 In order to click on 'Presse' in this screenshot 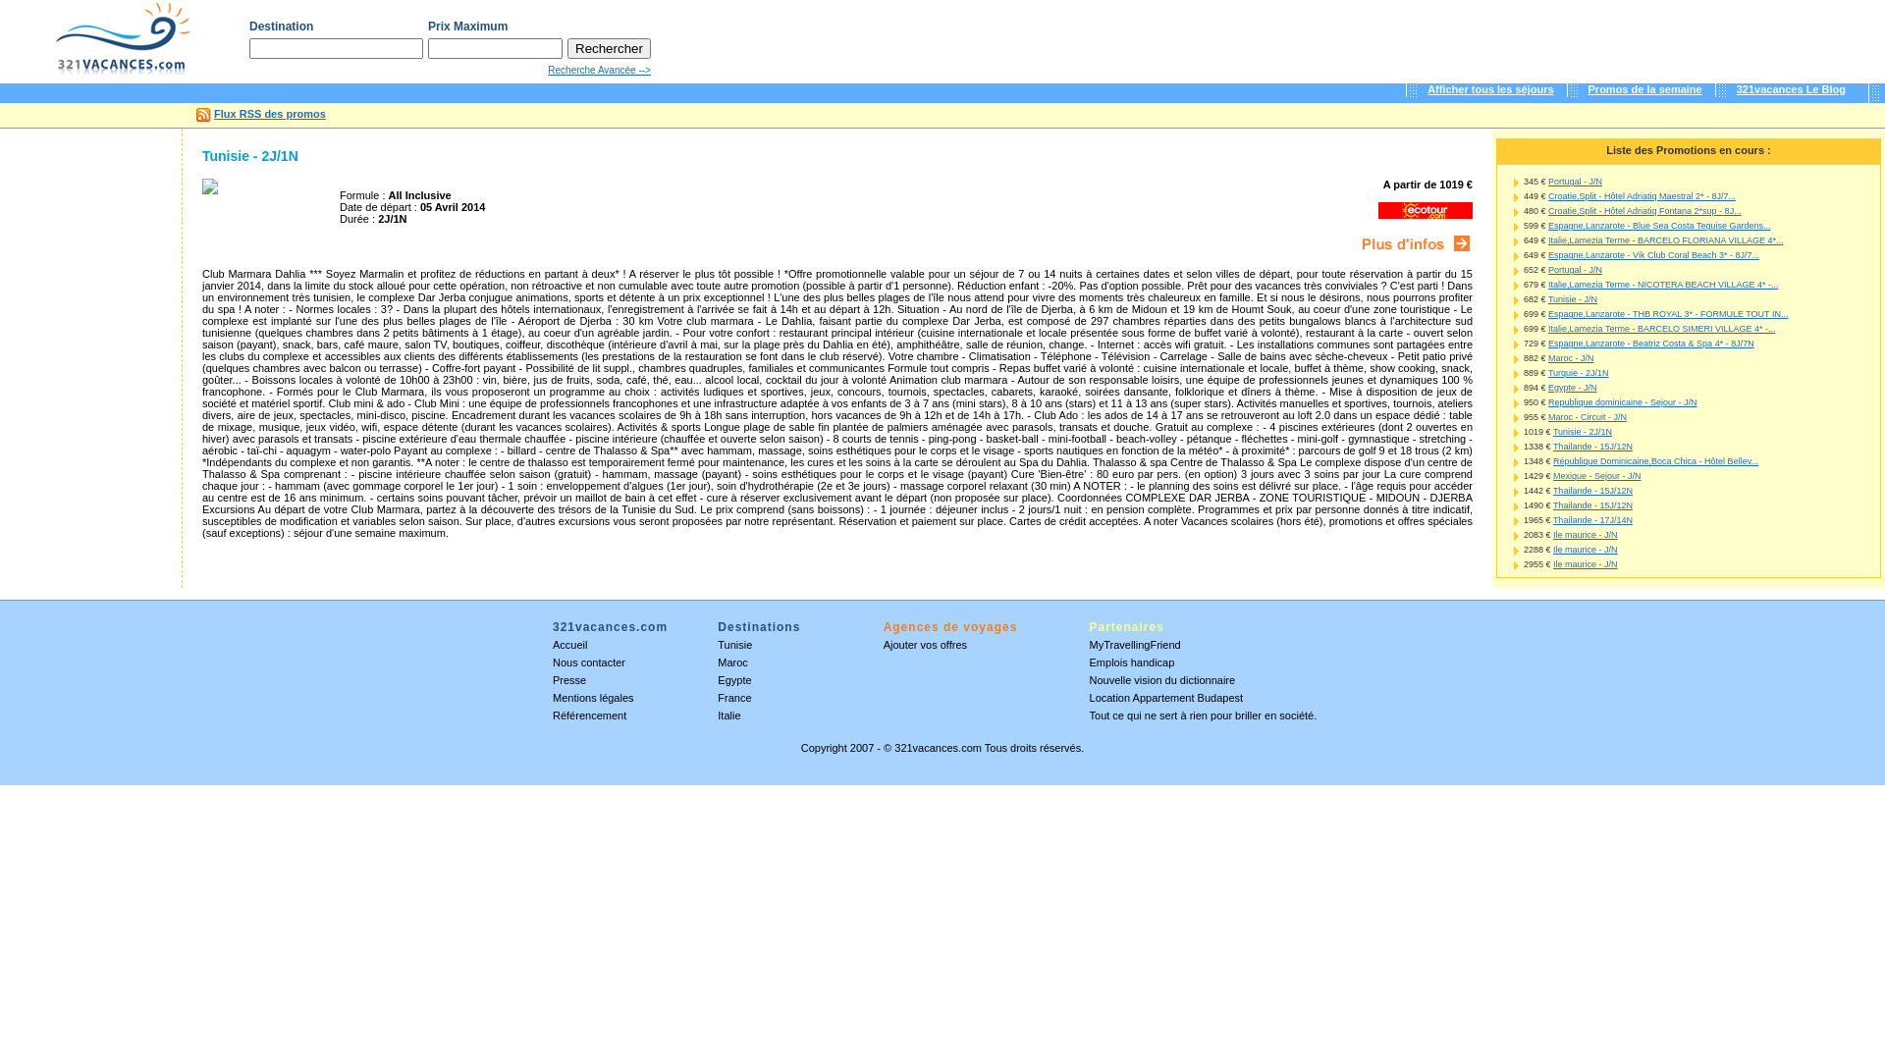, I will do `click(568, 679)`.